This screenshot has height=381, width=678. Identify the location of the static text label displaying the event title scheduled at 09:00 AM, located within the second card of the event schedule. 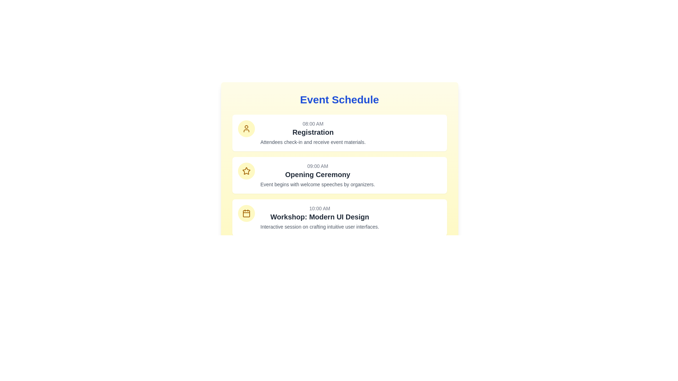
(317, 174).